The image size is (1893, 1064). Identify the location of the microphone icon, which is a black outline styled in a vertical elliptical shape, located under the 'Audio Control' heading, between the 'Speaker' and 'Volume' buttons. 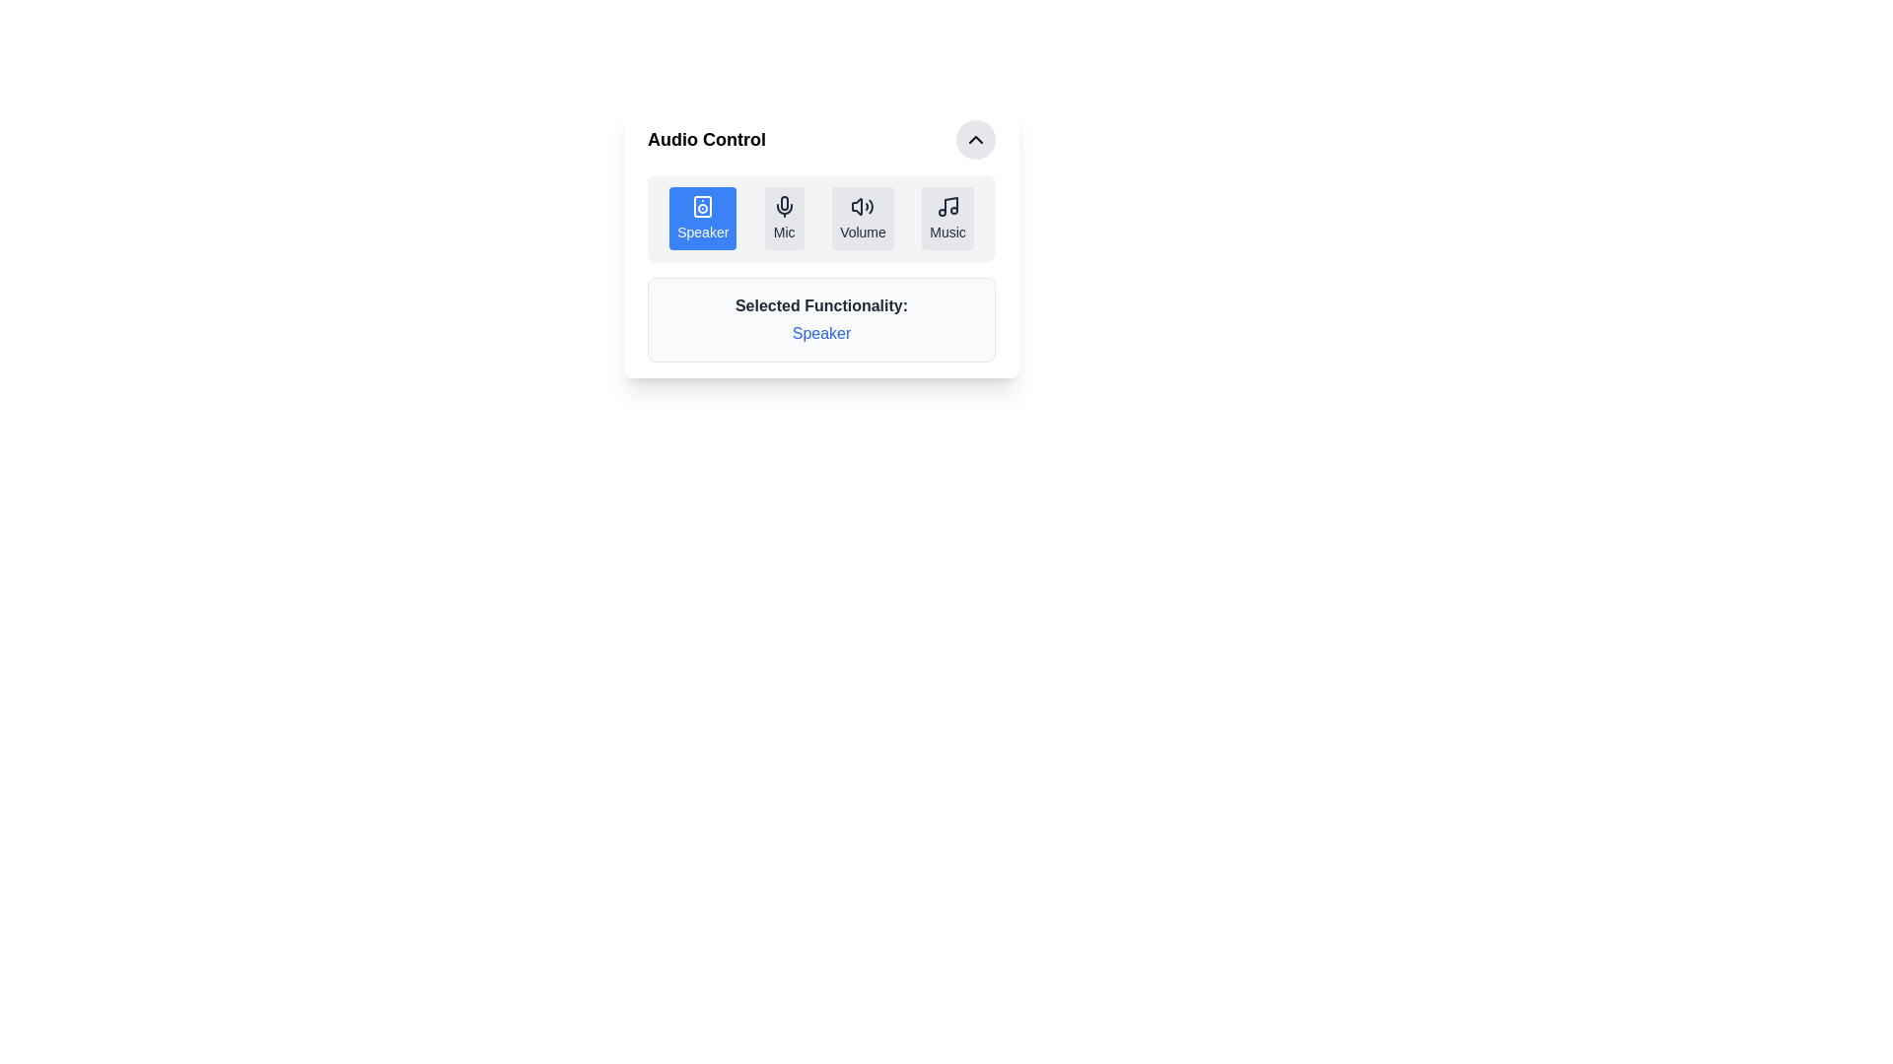
(783, 206).